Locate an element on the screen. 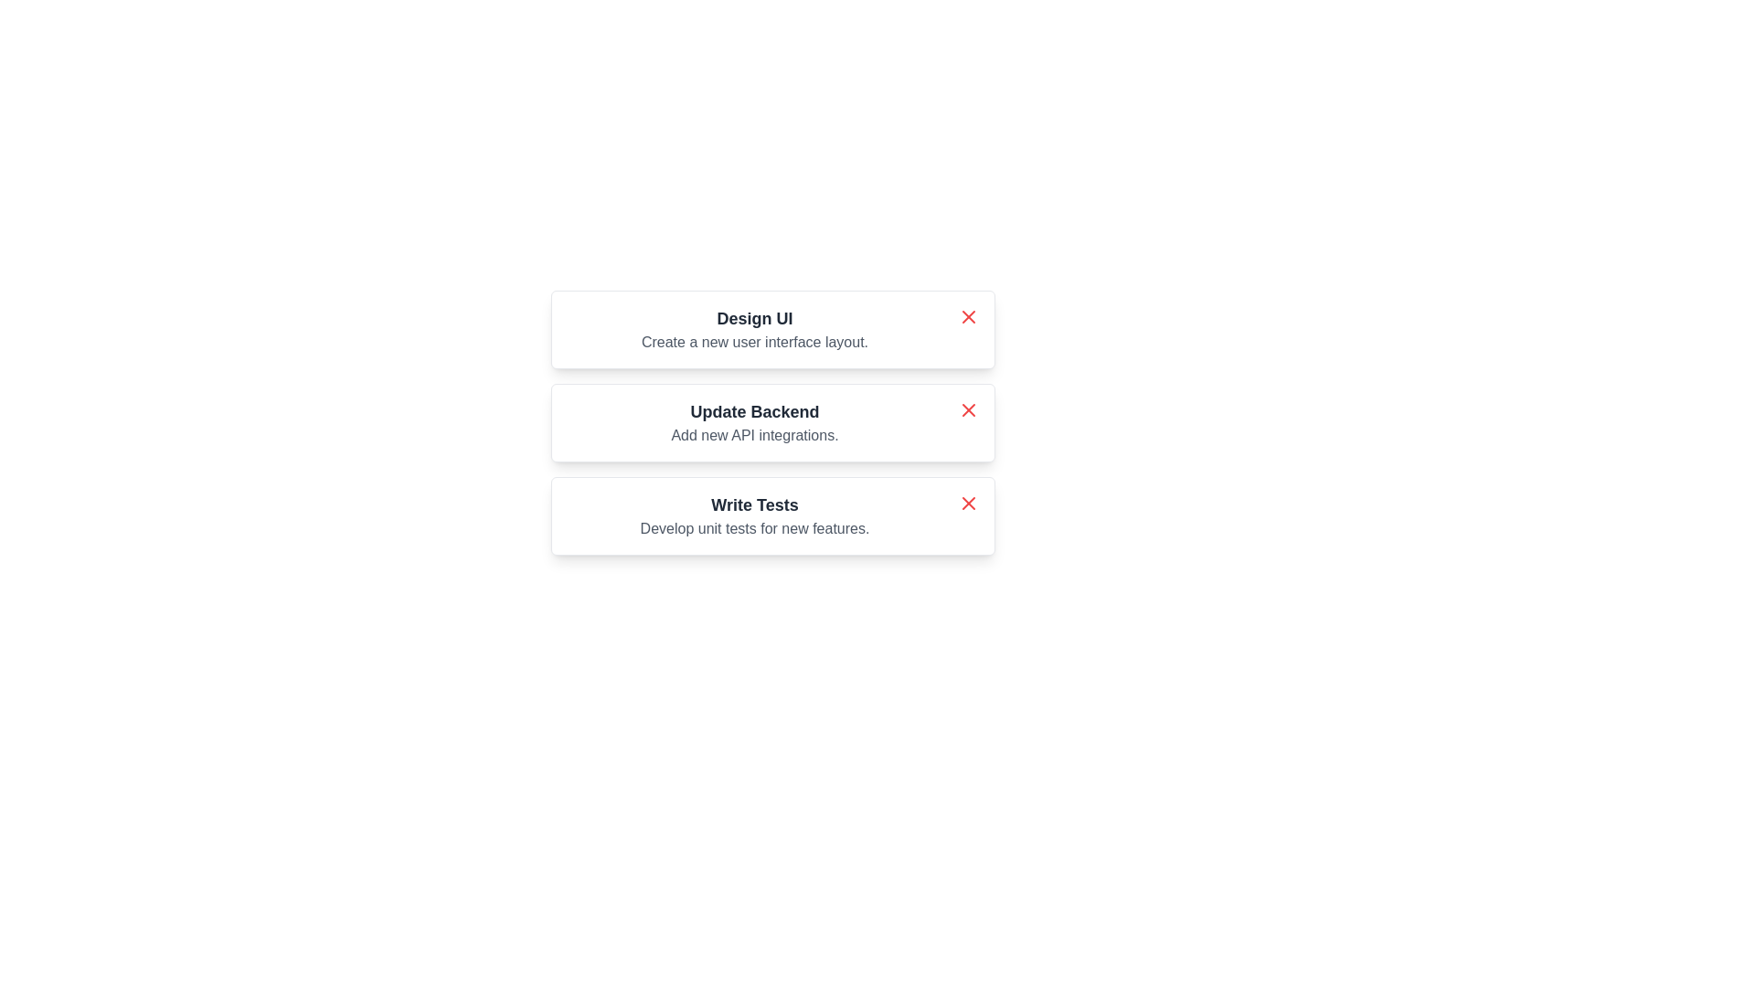  the card titled 'Update Backend' is located at coordinates (772, 422).